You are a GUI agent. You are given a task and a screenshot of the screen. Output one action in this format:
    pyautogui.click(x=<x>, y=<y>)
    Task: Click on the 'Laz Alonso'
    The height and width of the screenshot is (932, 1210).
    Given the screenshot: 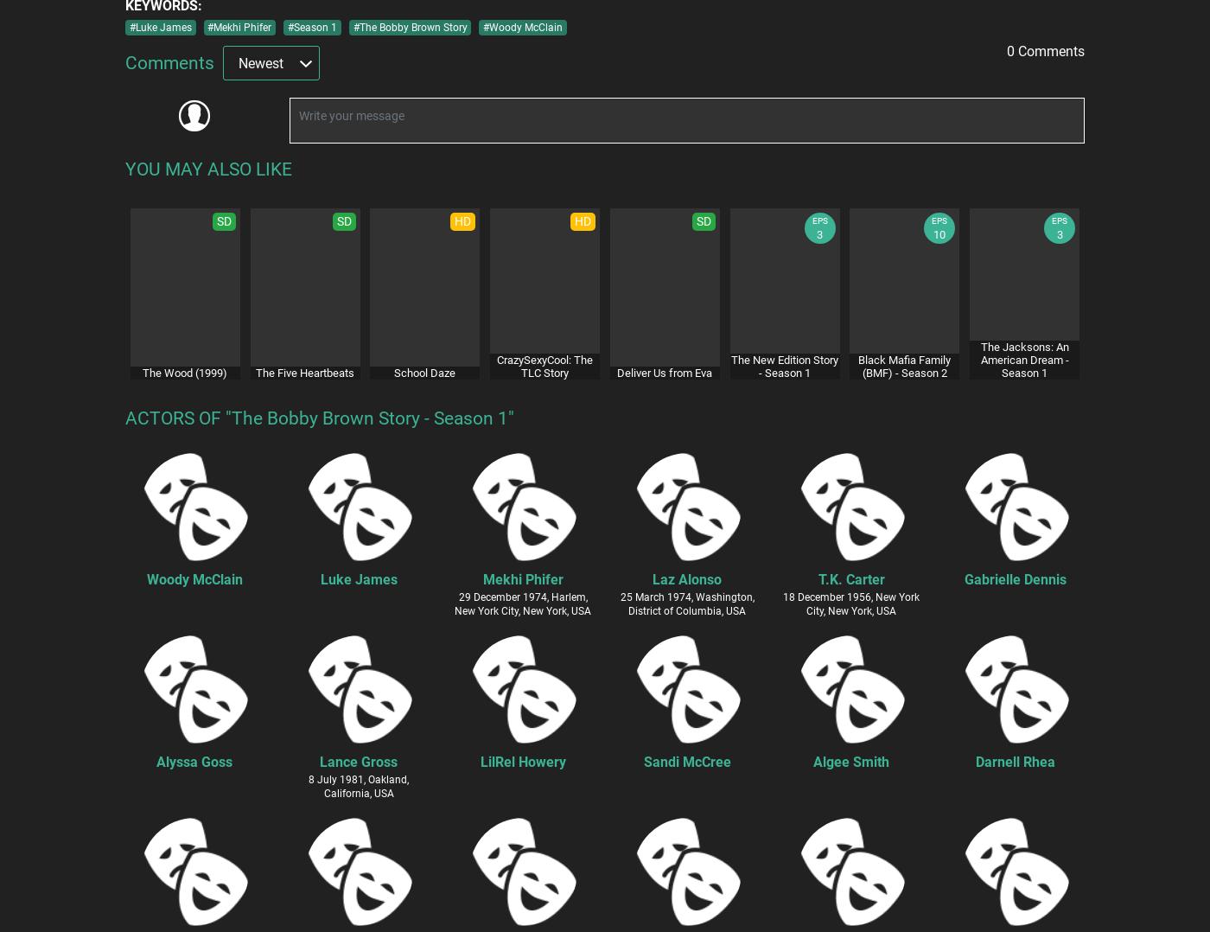 What is the action you would take?
    pyautogui.click(x=687, y=578)
    